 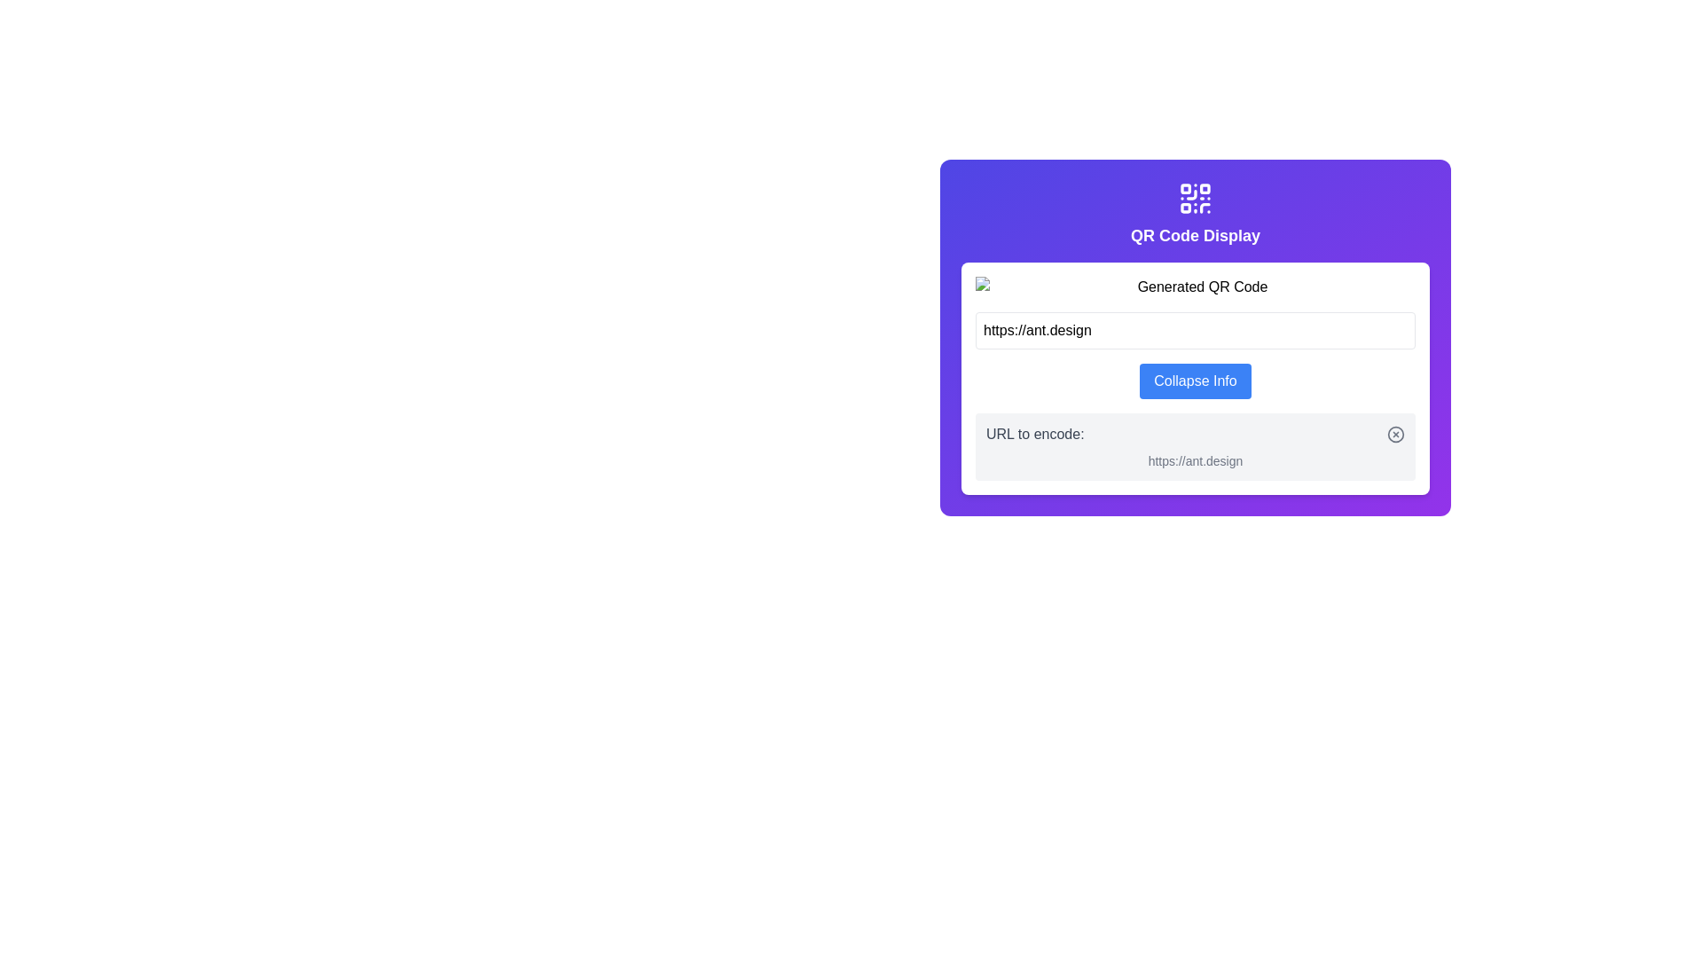 I want to click on the text label that reads 'URL to encode:', which is styled in gray color and located on the left side of the 'QR Code Display' interface, adjacent to an icon, so click(x=1035, y=434).